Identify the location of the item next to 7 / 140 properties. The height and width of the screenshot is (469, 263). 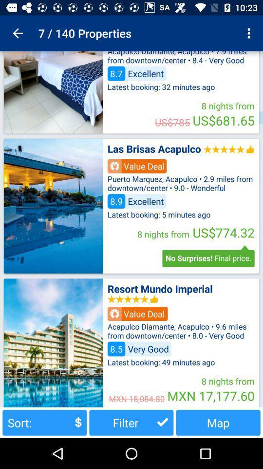
(18, 33).